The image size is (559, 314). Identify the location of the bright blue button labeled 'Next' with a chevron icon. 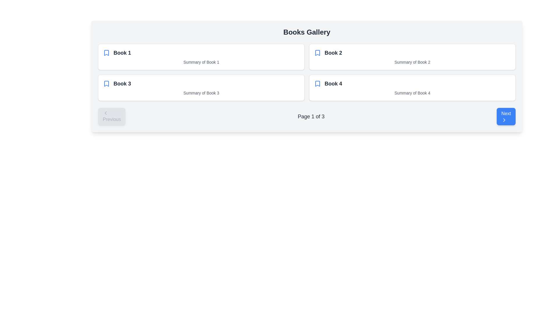
(506, 117).